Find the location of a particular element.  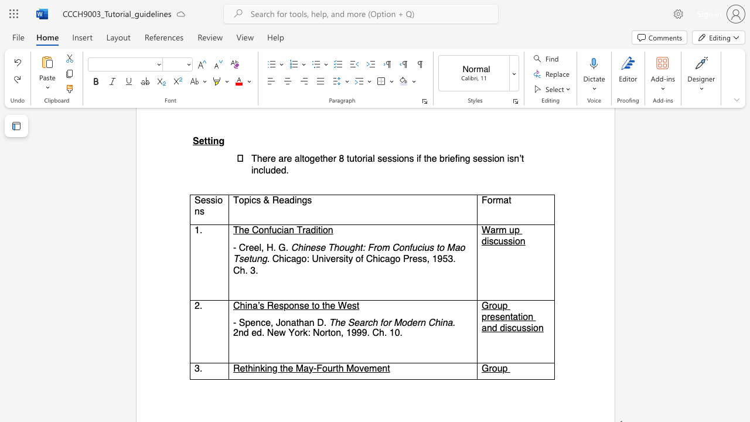

the 1th character "." in the text is located at coordinates (325, 322).